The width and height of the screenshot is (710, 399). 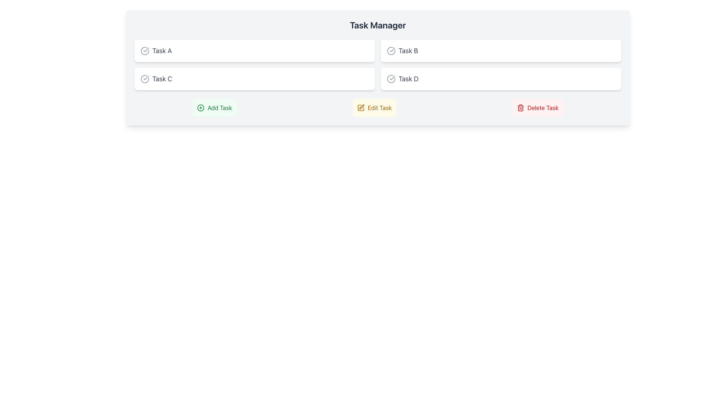 What do you see at coordinates (378, 25) in the screenshot?
I see `the header text element that serves as the title for the task management system` at bounding box center [378, 25].